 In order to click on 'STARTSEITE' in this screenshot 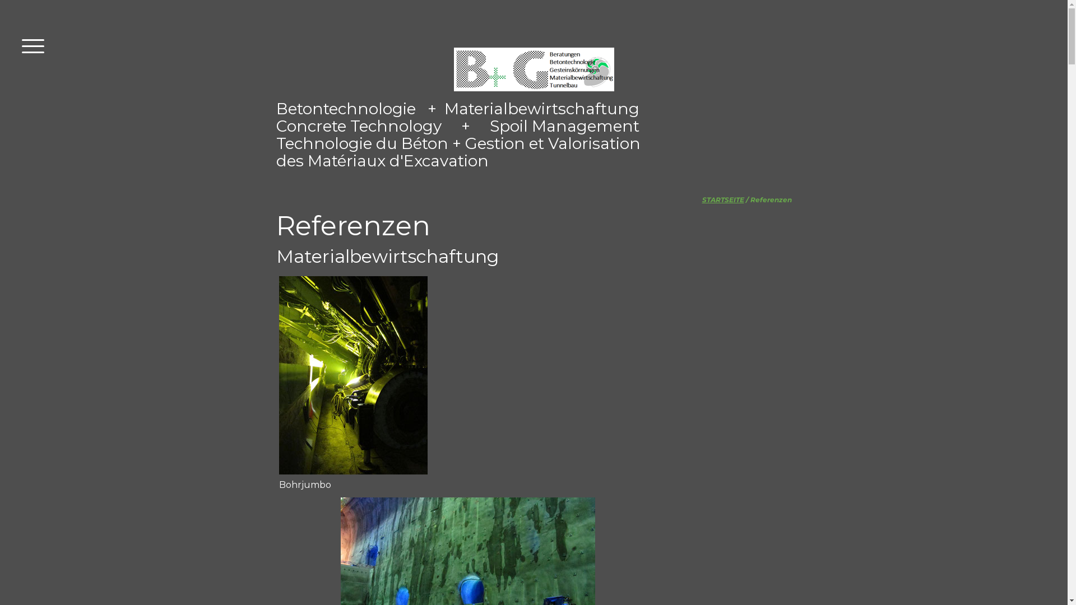, I will do `click(722, 199)`.